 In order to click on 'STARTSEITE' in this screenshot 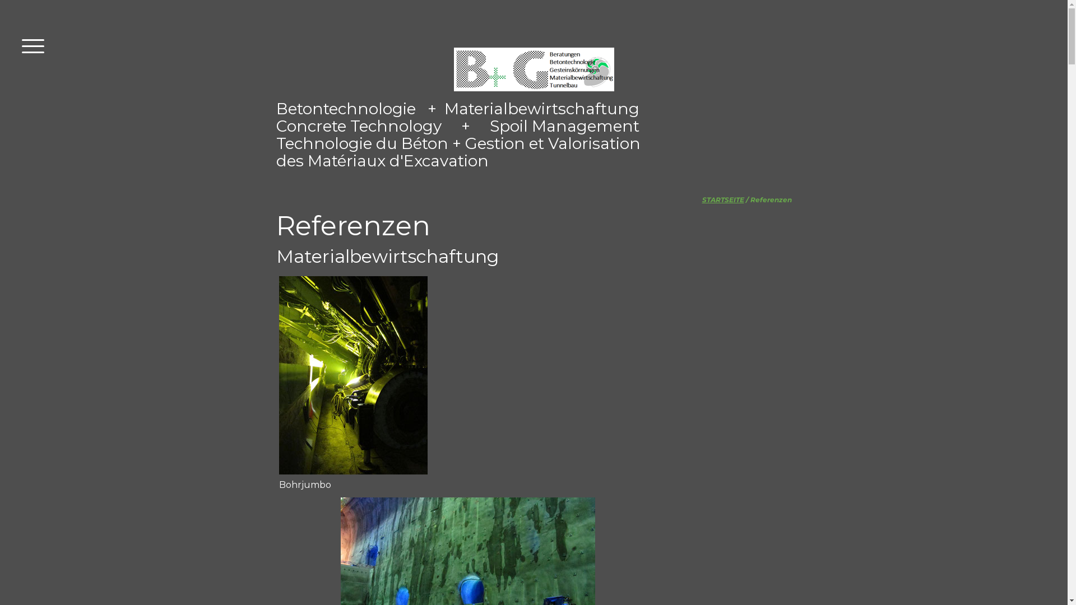, I will do `click(722, 199)`.